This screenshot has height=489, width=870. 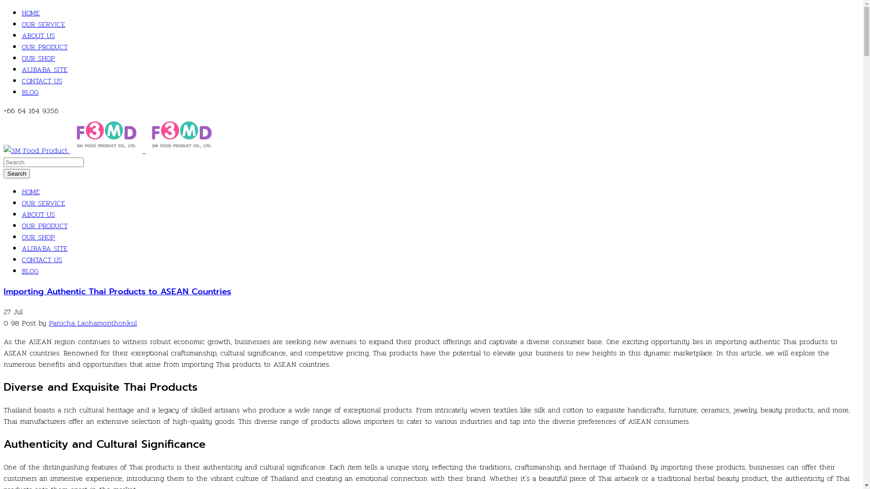 What do you see at coordinates (44, 225) in the screenshot?
I see `'OUR PRODUCT'` at bounding box center [44, 225].